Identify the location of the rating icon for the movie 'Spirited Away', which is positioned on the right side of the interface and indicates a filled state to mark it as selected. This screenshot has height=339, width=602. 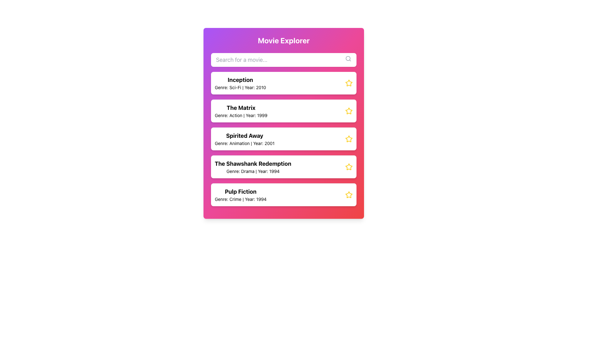
(349, 139).